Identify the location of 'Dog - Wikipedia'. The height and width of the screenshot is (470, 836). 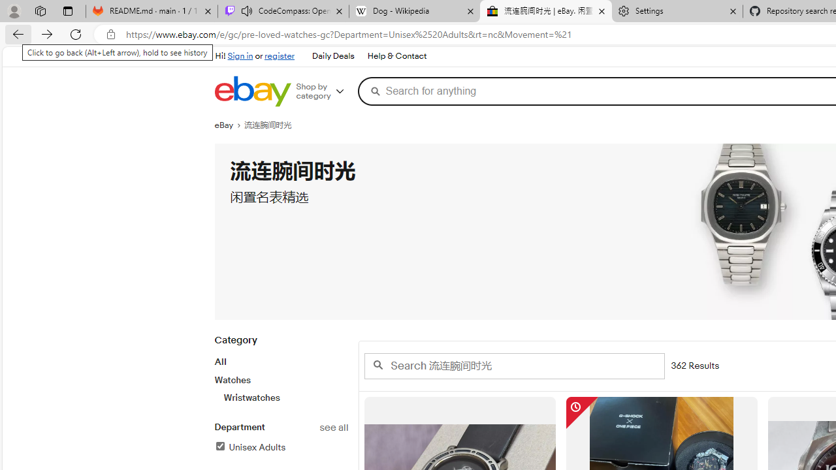
(413, 11).